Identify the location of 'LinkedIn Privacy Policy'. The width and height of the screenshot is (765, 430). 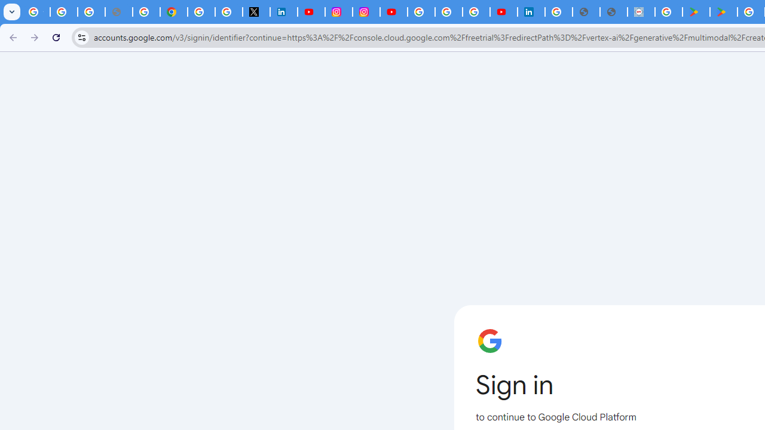
(283, 12).